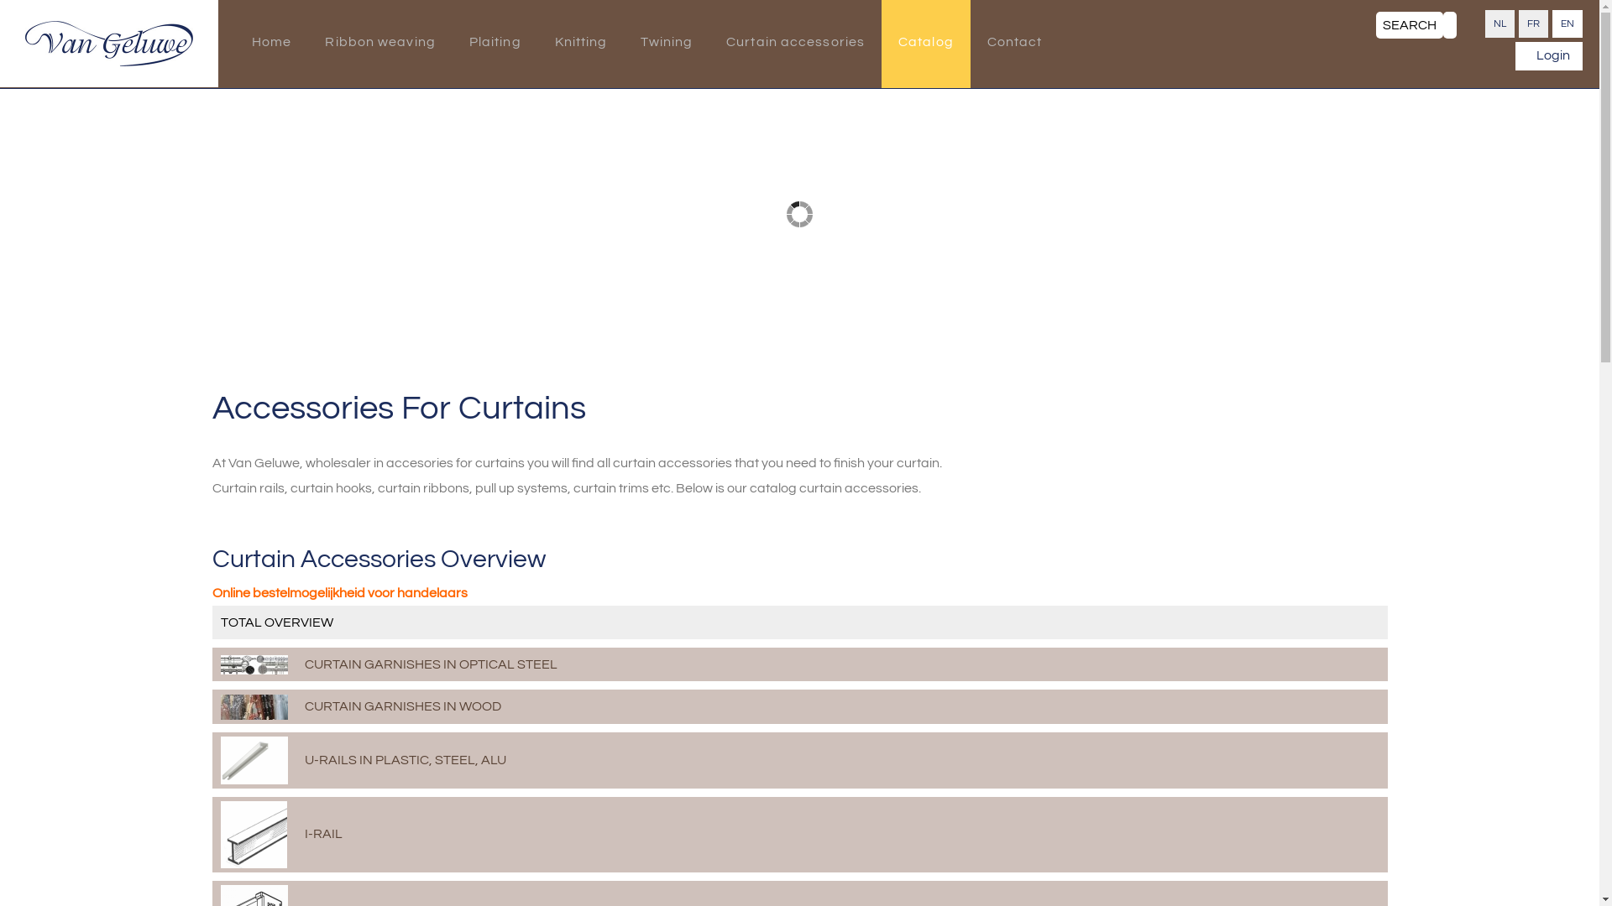 This screenshot has width=1612, height=906. What do you see at coordinates (1375, 25) in the screenshot?
I see `'SEARCH'` at bounding box center [1375, 25].